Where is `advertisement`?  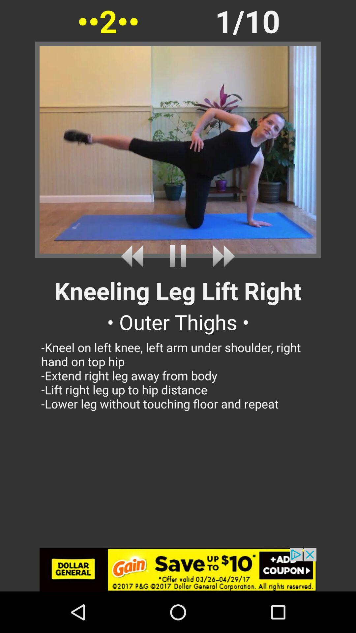
advertisement is located at coordinates (178, 569).